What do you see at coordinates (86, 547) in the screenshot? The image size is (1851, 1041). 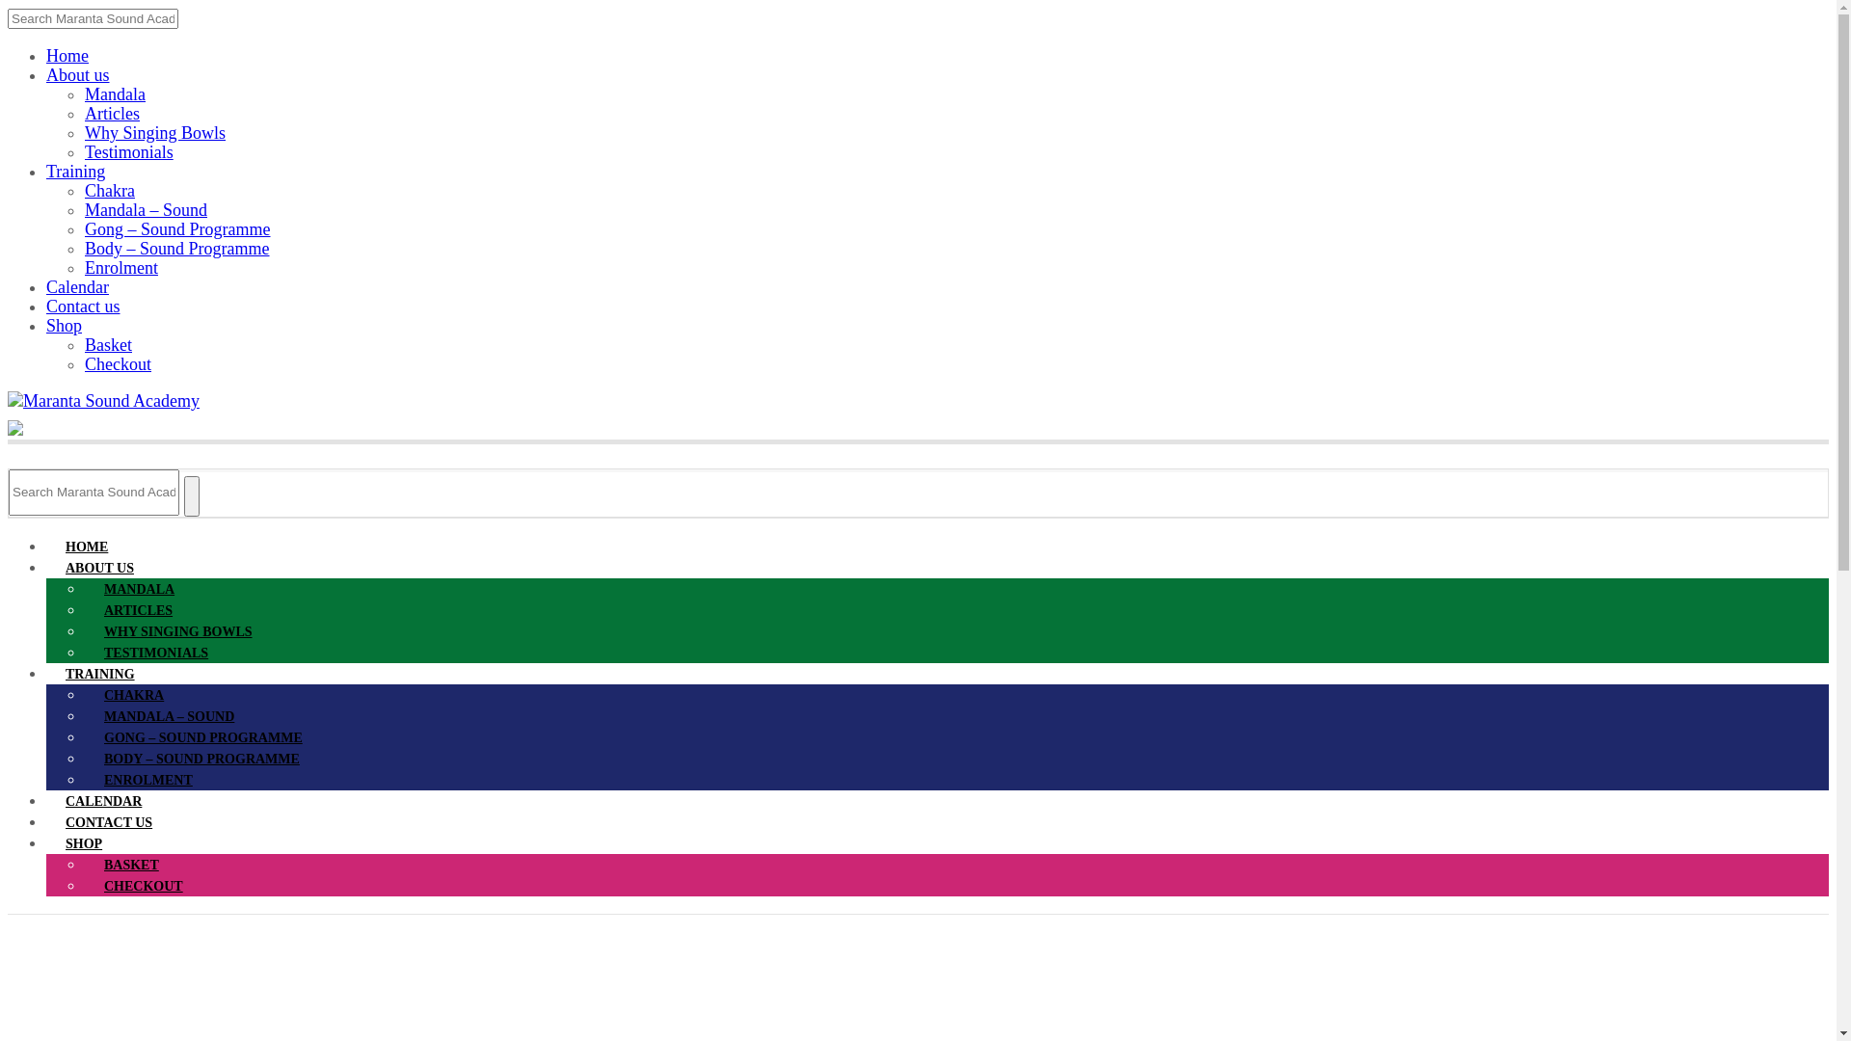 I see `'HOME'` at bounding box center [86, 547].